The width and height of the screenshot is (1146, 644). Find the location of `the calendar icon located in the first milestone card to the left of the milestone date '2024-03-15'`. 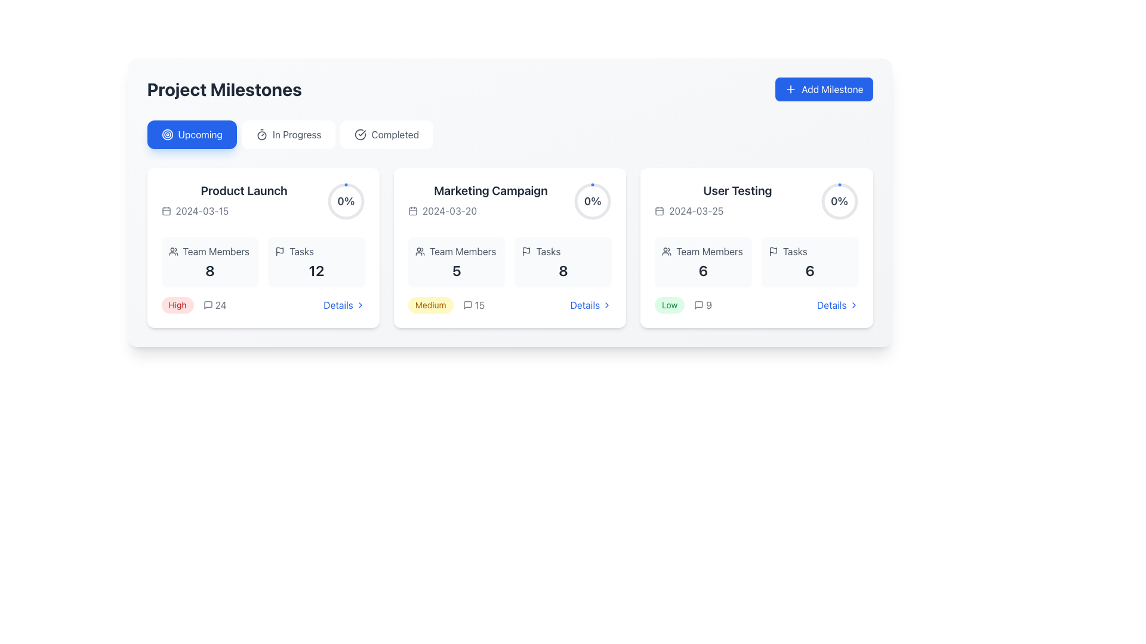

the calendar icon located in the first milestone card to the left of the milestone date '2024-03-15' is located at coordinates (165, 210).